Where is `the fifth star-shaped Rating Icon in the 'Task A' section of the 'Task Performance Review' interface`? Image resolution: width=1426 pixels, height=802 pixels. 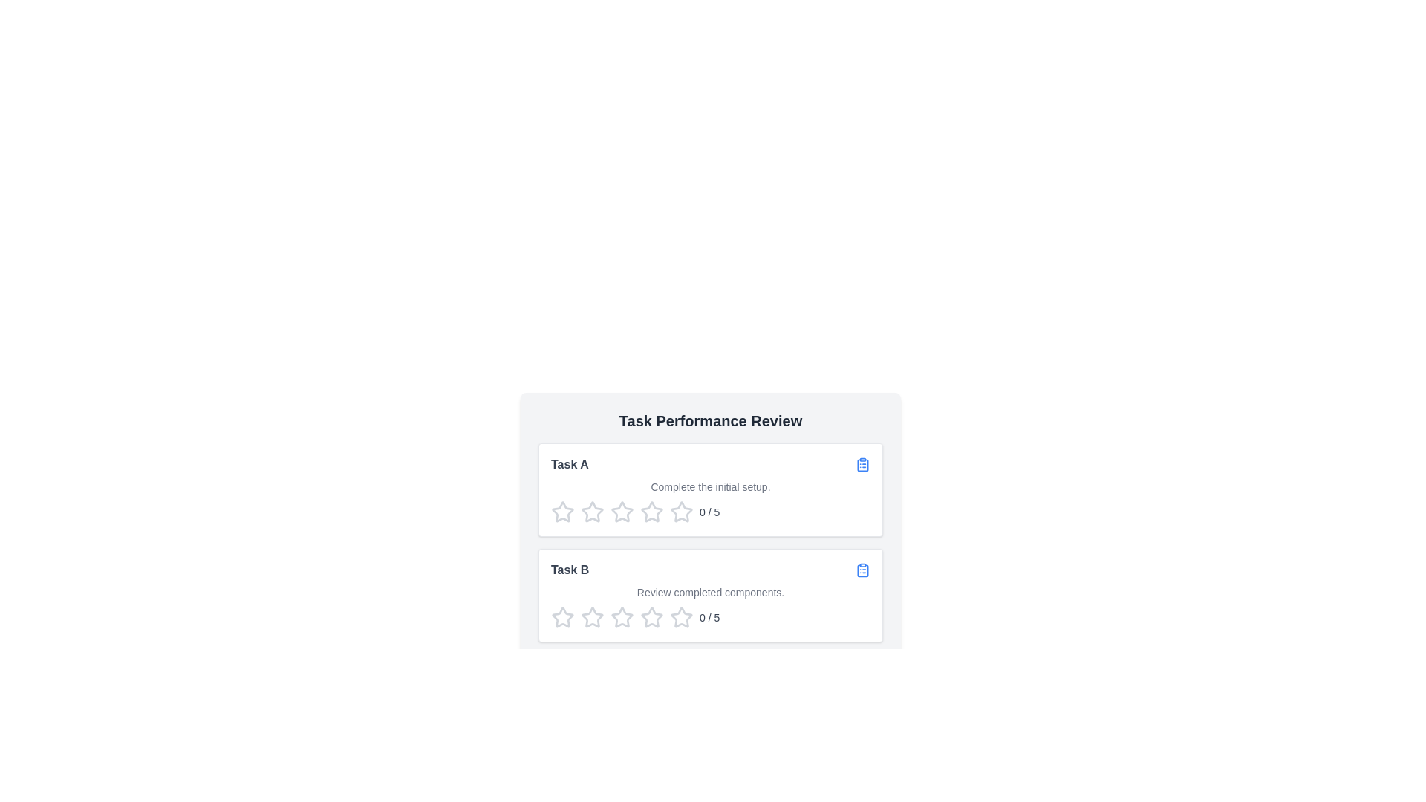 the fifth star-shaped Rating Icon in the 'Task A' section of the 'Task Performance Review' interface is located at coordinates (680, 512).